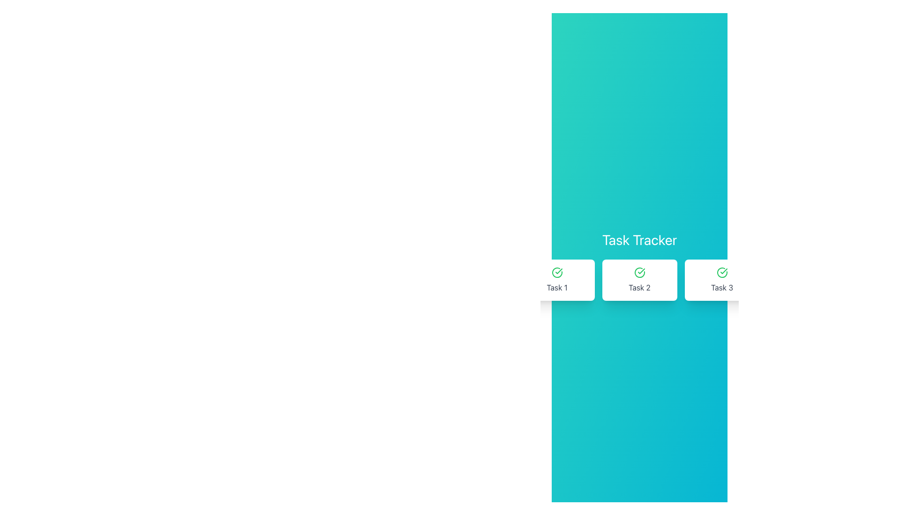 The image size is (900, 506). I want to click on the circular icon with a green checkmark in the center, which indicates completion or success, located in the center-left of the 'Task 1' card, so click(557, 273).